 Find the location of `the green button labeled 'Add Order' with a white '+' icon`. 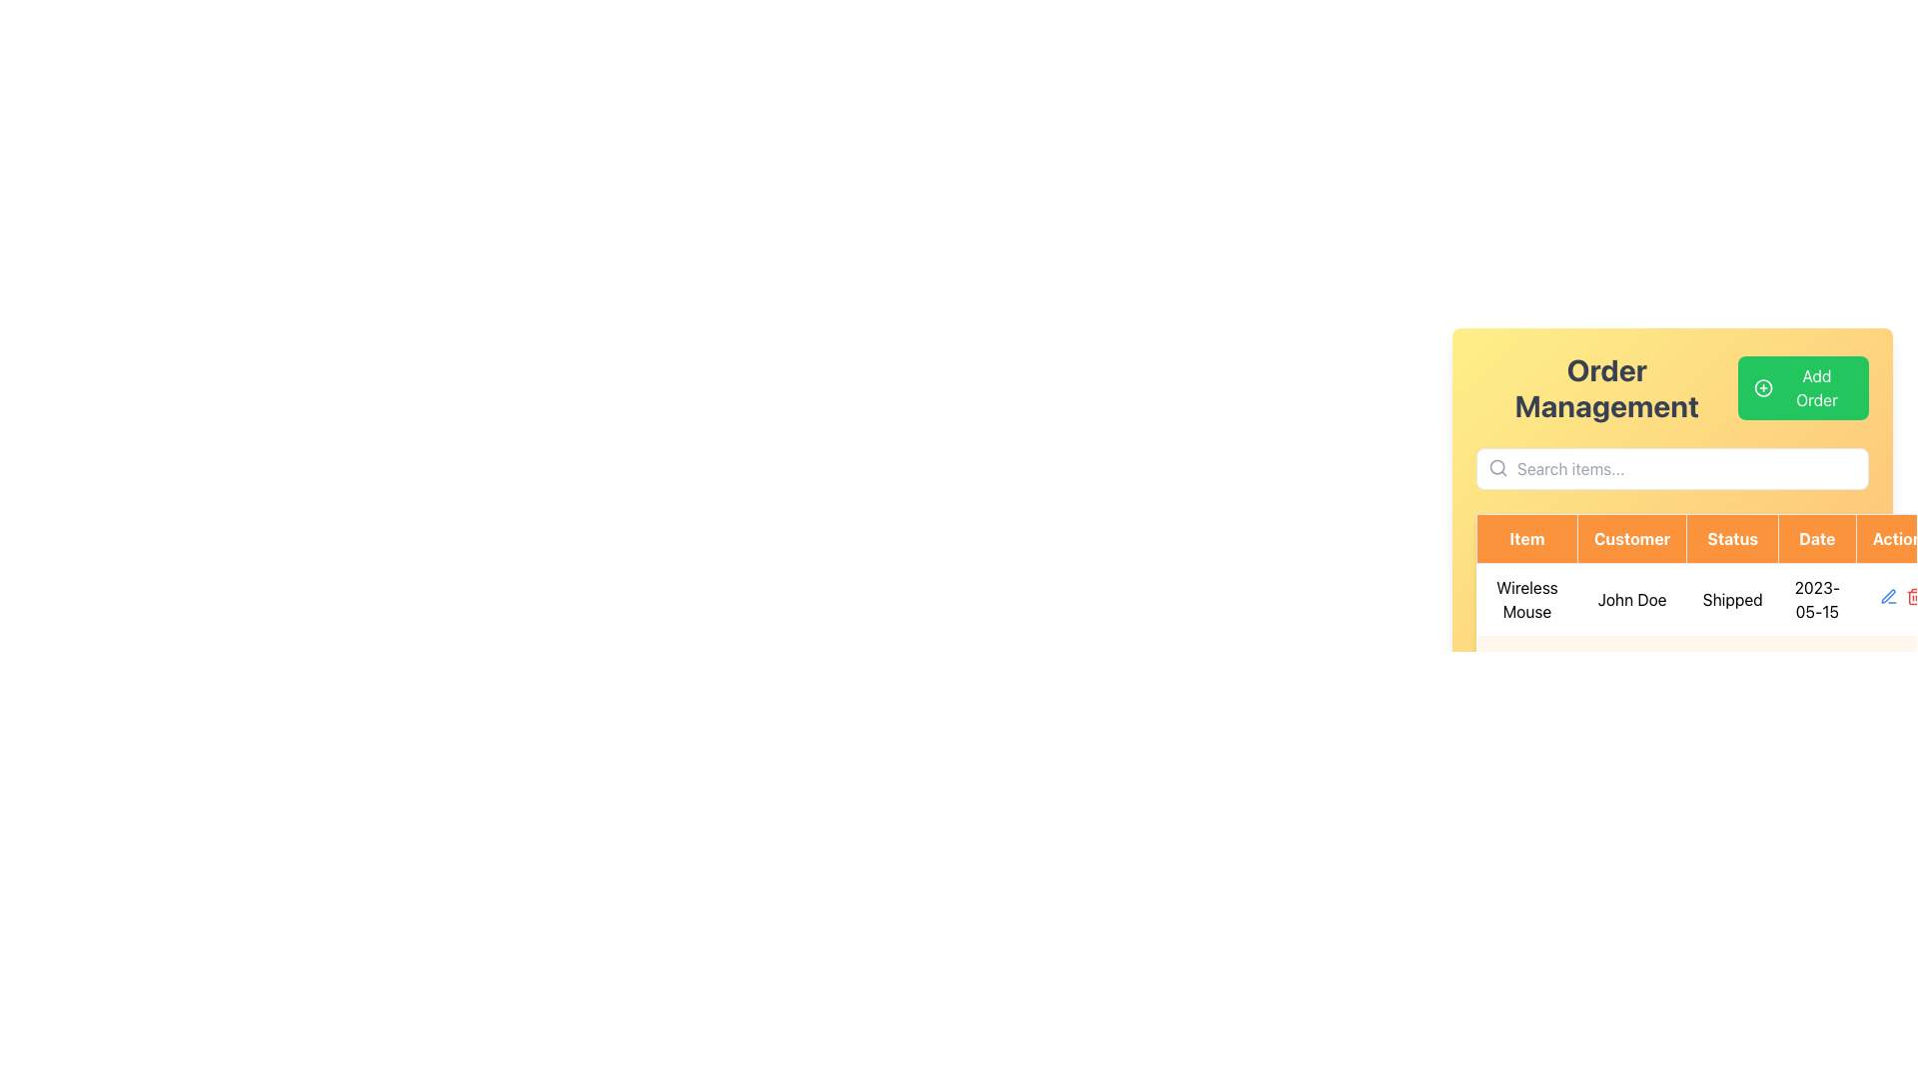

the green button labeled 'Add Order' with a white '+' icon is located at coordinates (1803, 388).